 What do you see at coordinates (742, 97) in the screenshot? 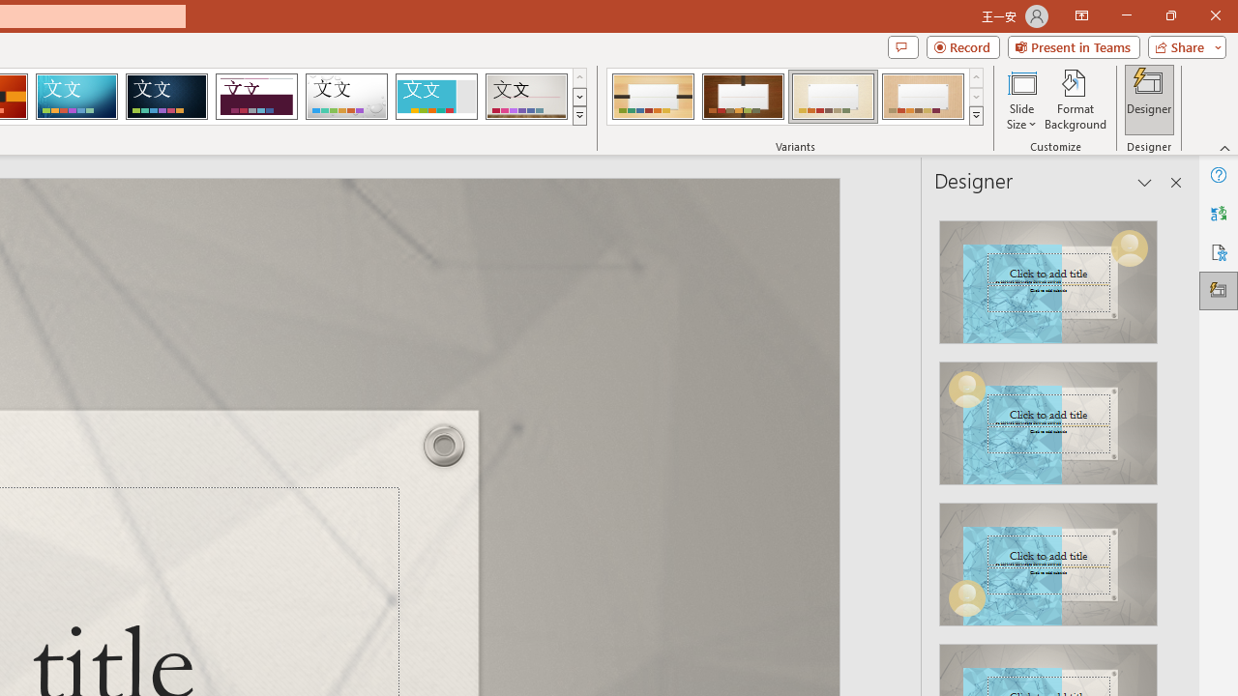
I see `'Organic Variant 2'` at bounding box center [742, 97].